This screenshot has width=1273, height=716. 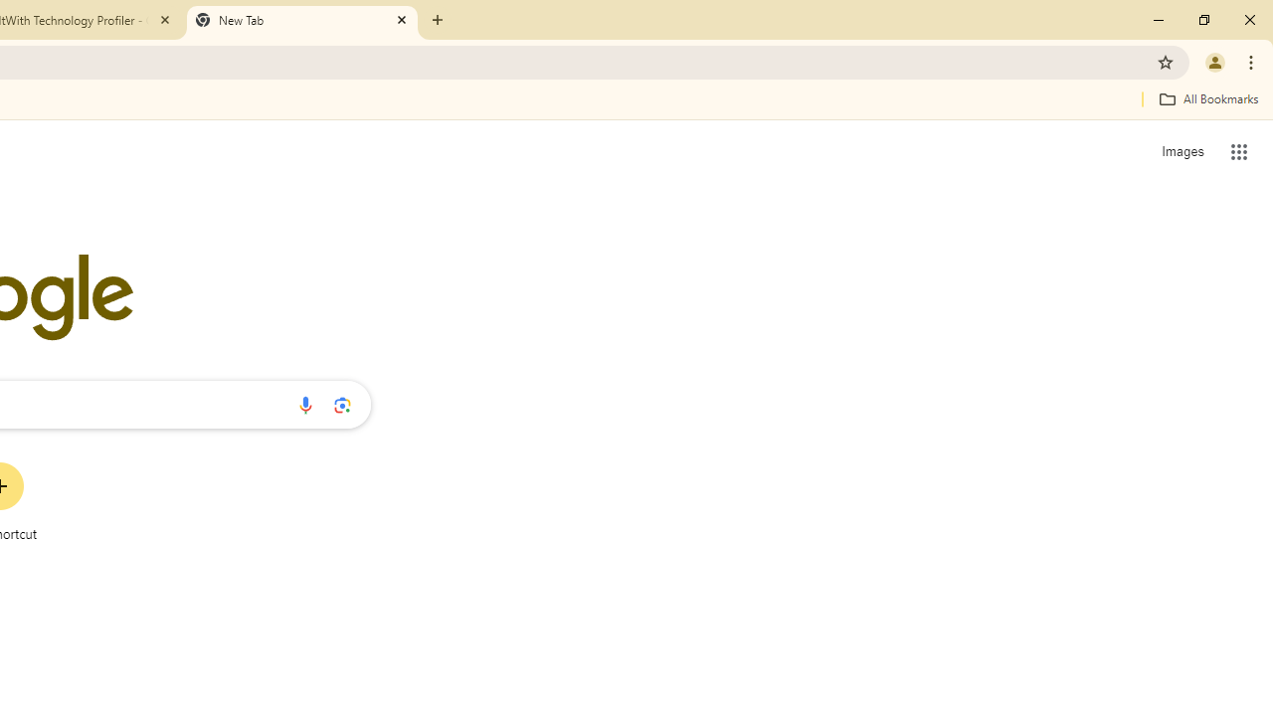 I want to click on 'Bookmark this tab', so click(x=1165, y=61).